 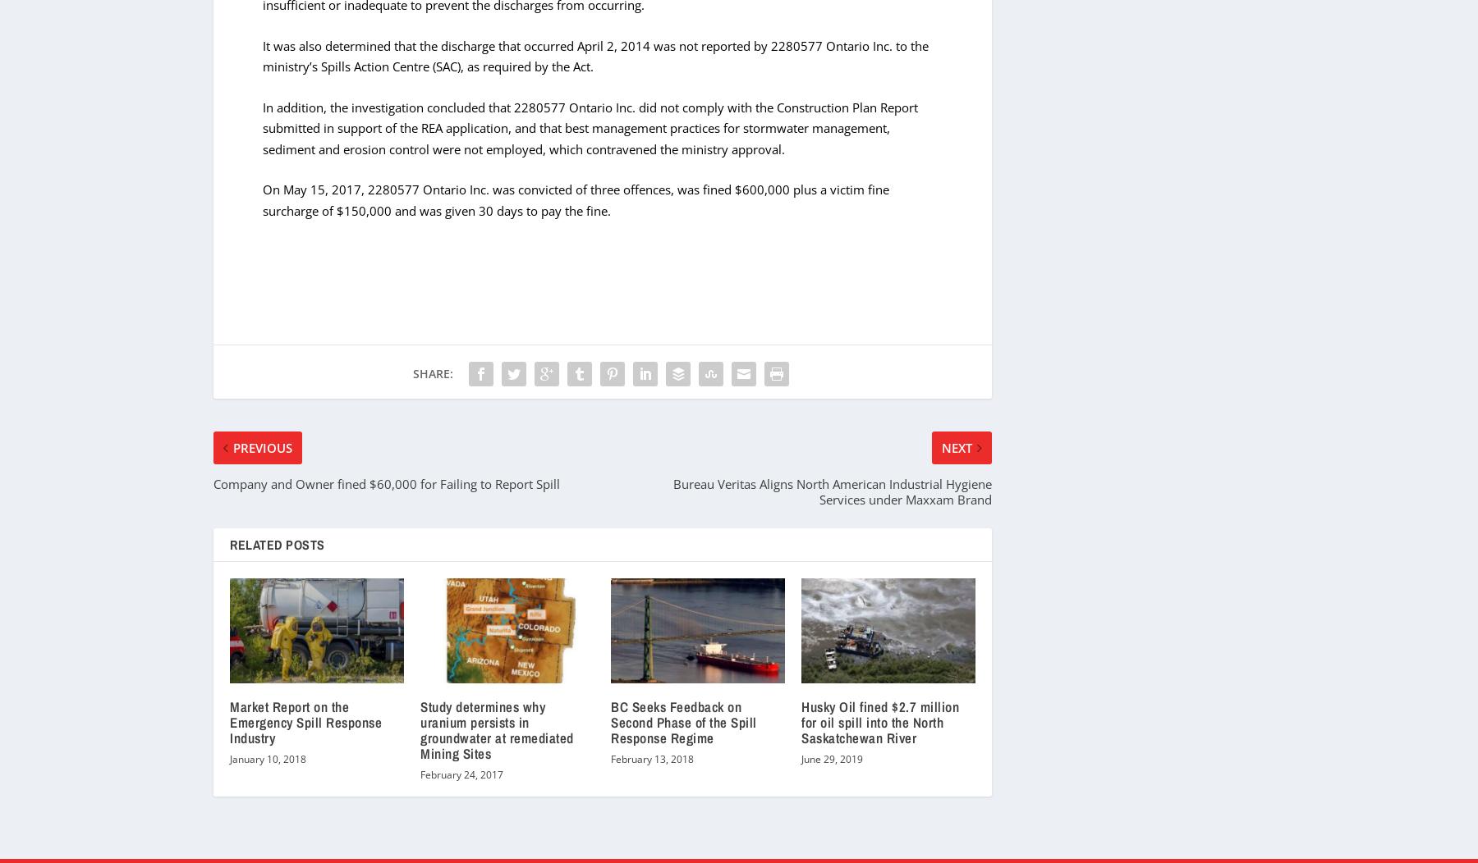 I want to click on 'June 29, 2019', so click(x=832, y=758).